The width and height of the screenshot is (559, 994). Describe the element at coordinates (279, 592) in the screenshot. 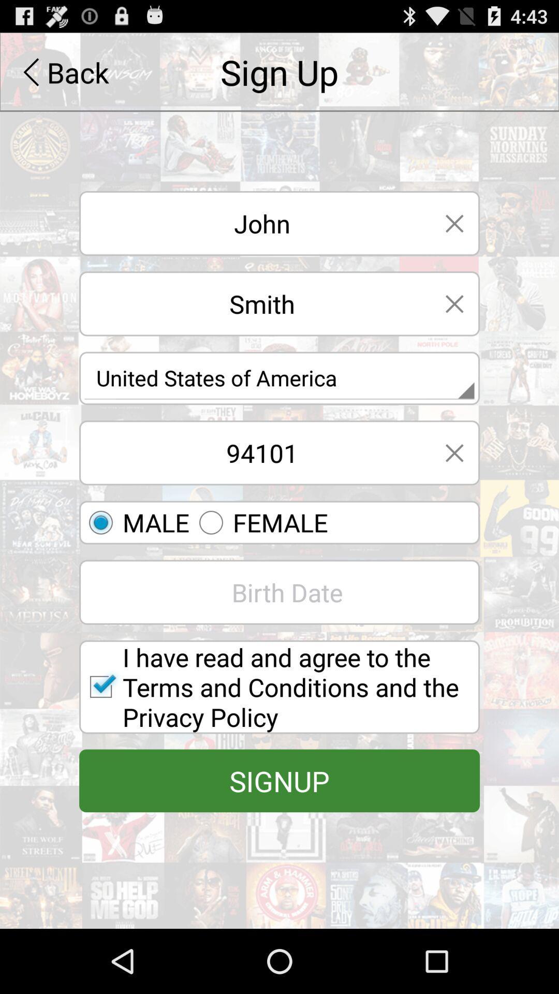

I see `the text box which says birth date` at that location.